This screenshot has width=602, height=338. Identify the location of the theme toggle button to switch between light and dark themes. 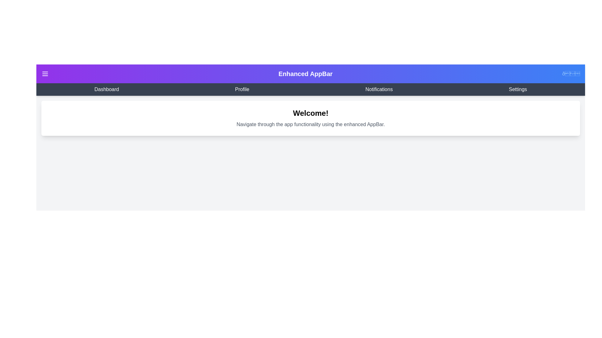
(571, 73).